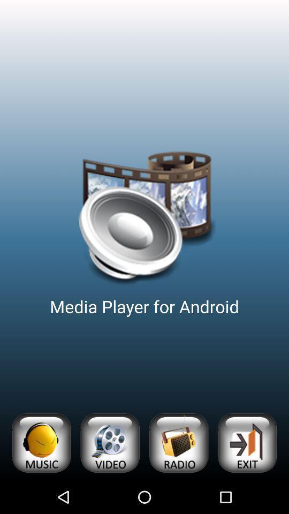  What do you see at coordinates (41, 443) in the screenshot?
I see `listen to music` at bounding box center [41, 443].